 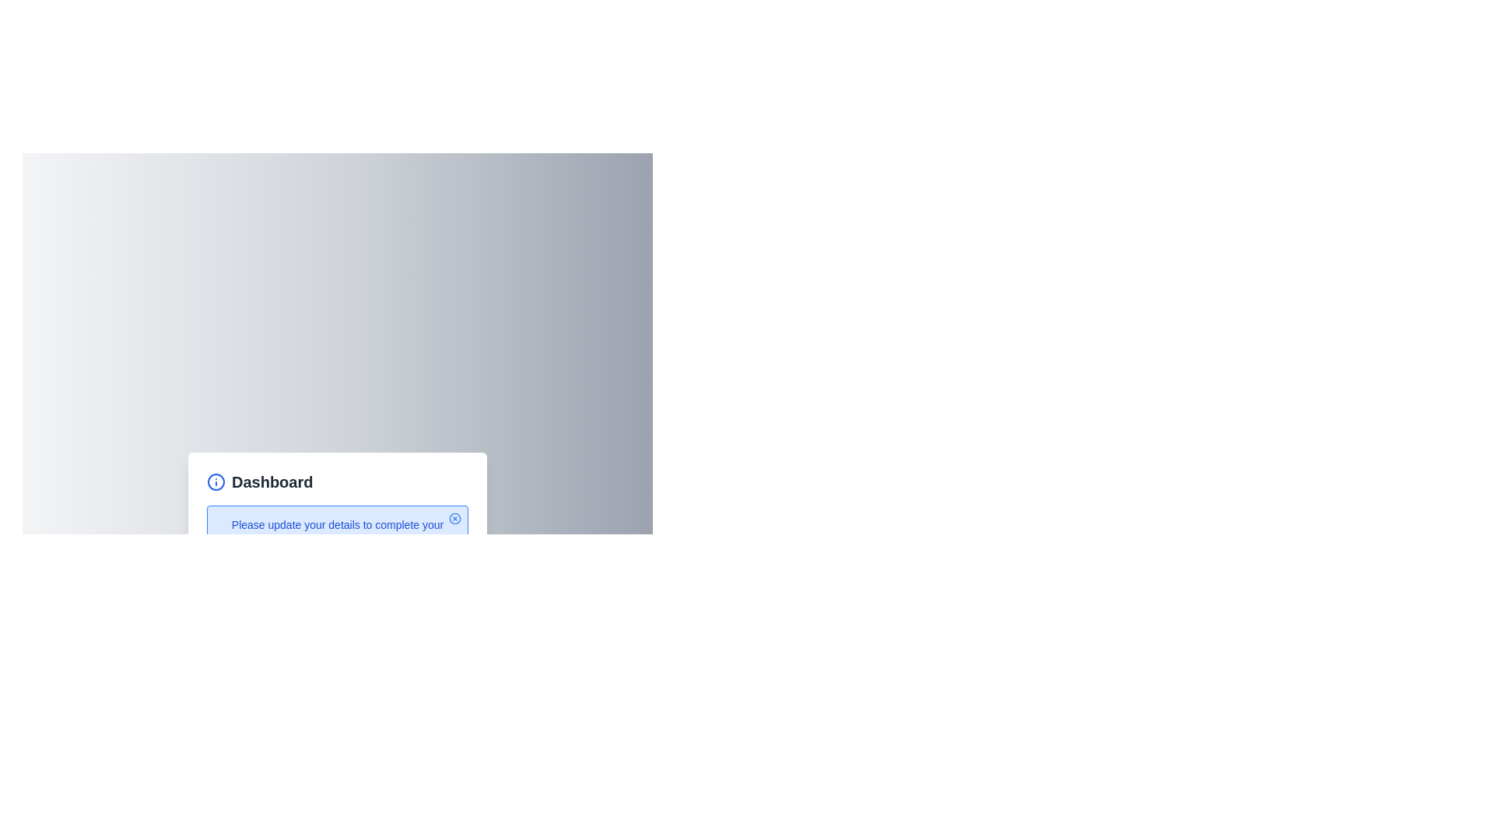 I want to click on the informational Text label that prompts the user to update their details for profile setup, which is located within a highlighted alert box below the 'Dashboard' heading, so click(x=336, y=533).